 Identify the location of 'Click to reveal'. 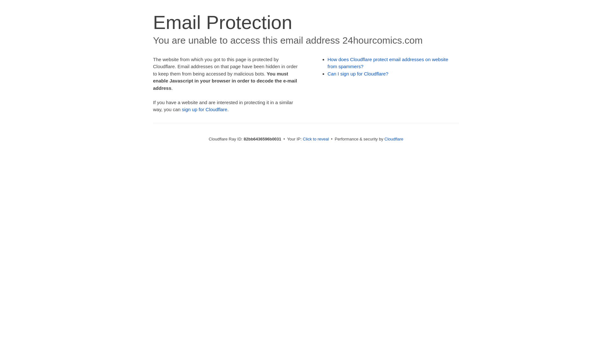
(316, 139).